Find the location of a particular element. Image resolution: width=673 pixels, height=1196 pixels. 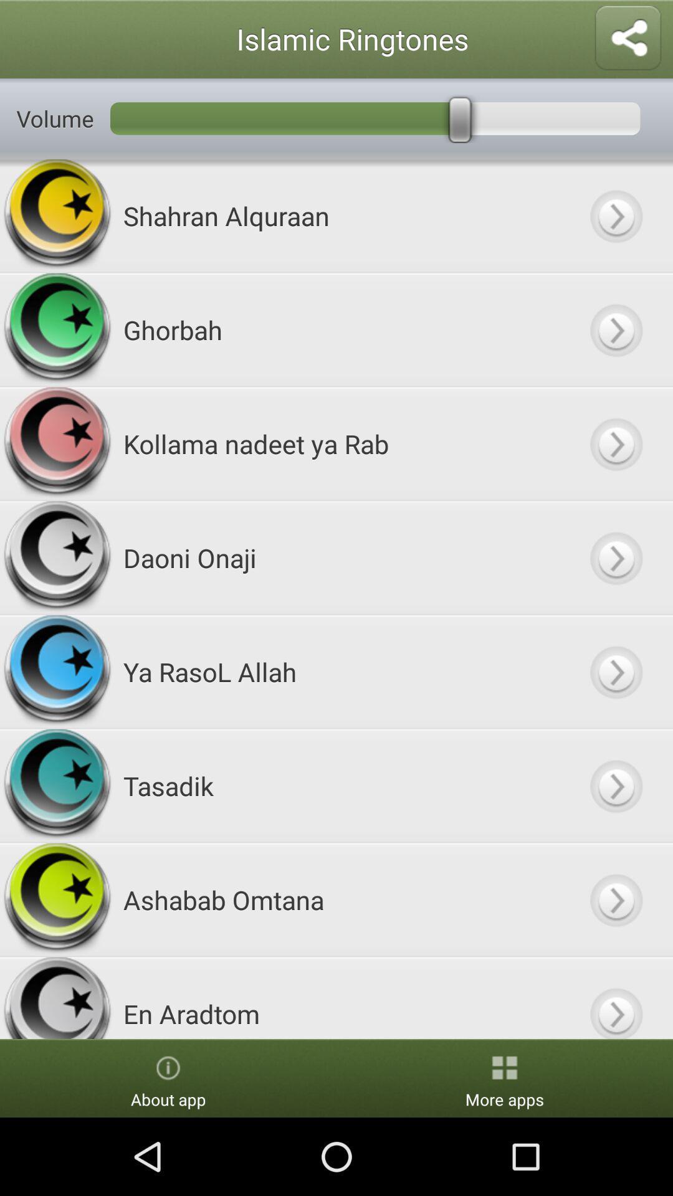

the ringtone is located at coordinates (615, 671).